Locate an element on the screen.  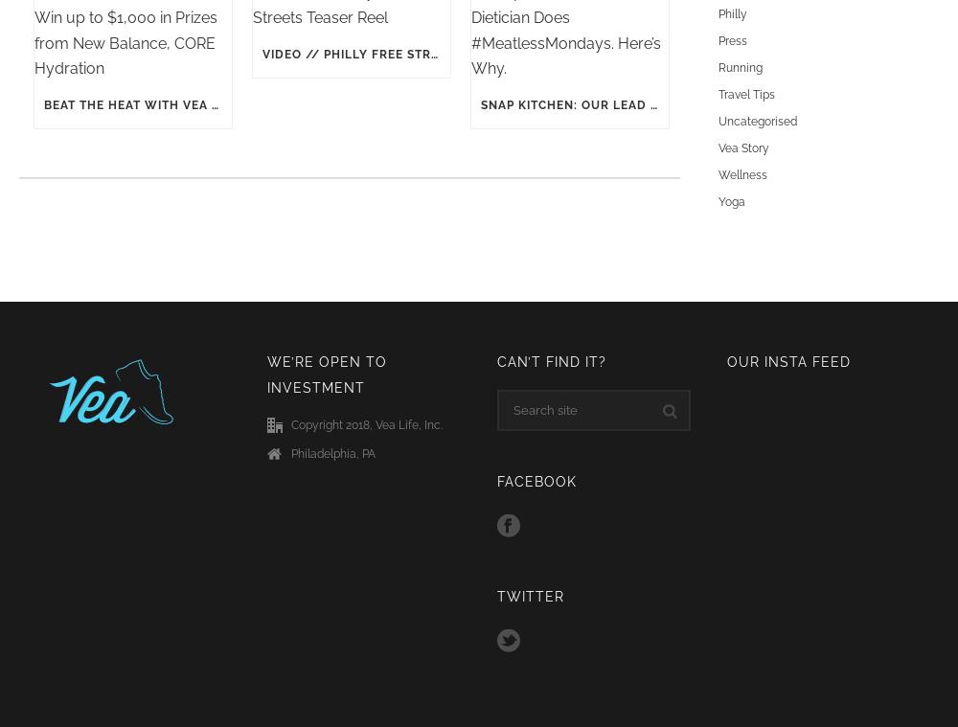
'Wellness' is located at coordinates (742, 174).